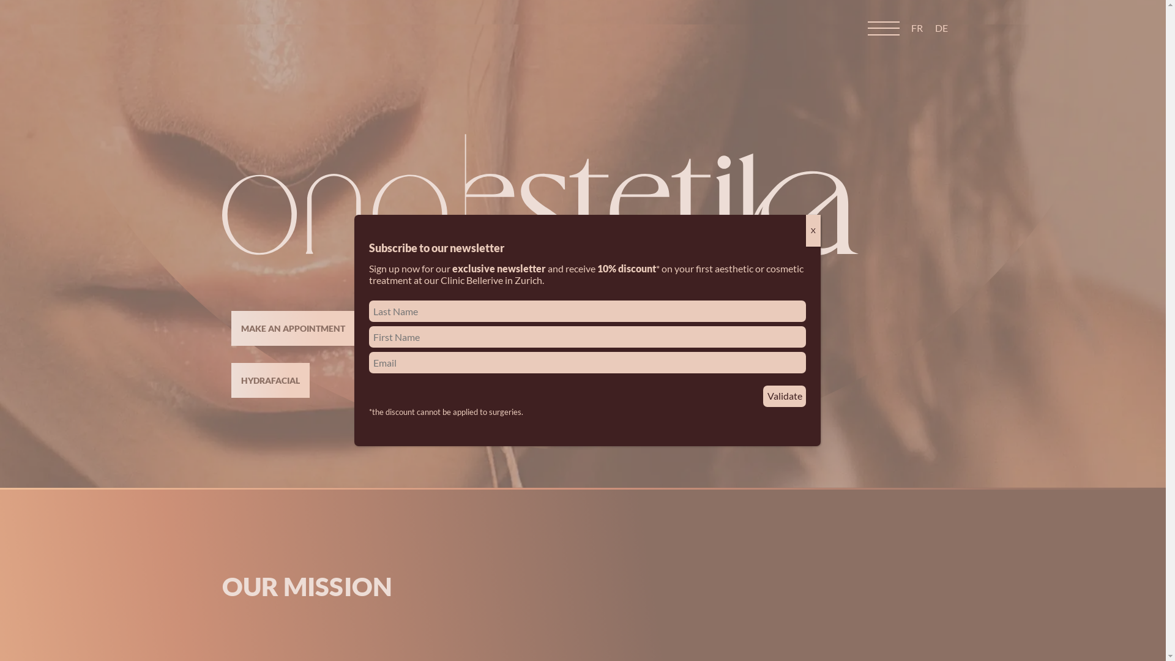  I want to click on 'Validate', so click(763, 396).